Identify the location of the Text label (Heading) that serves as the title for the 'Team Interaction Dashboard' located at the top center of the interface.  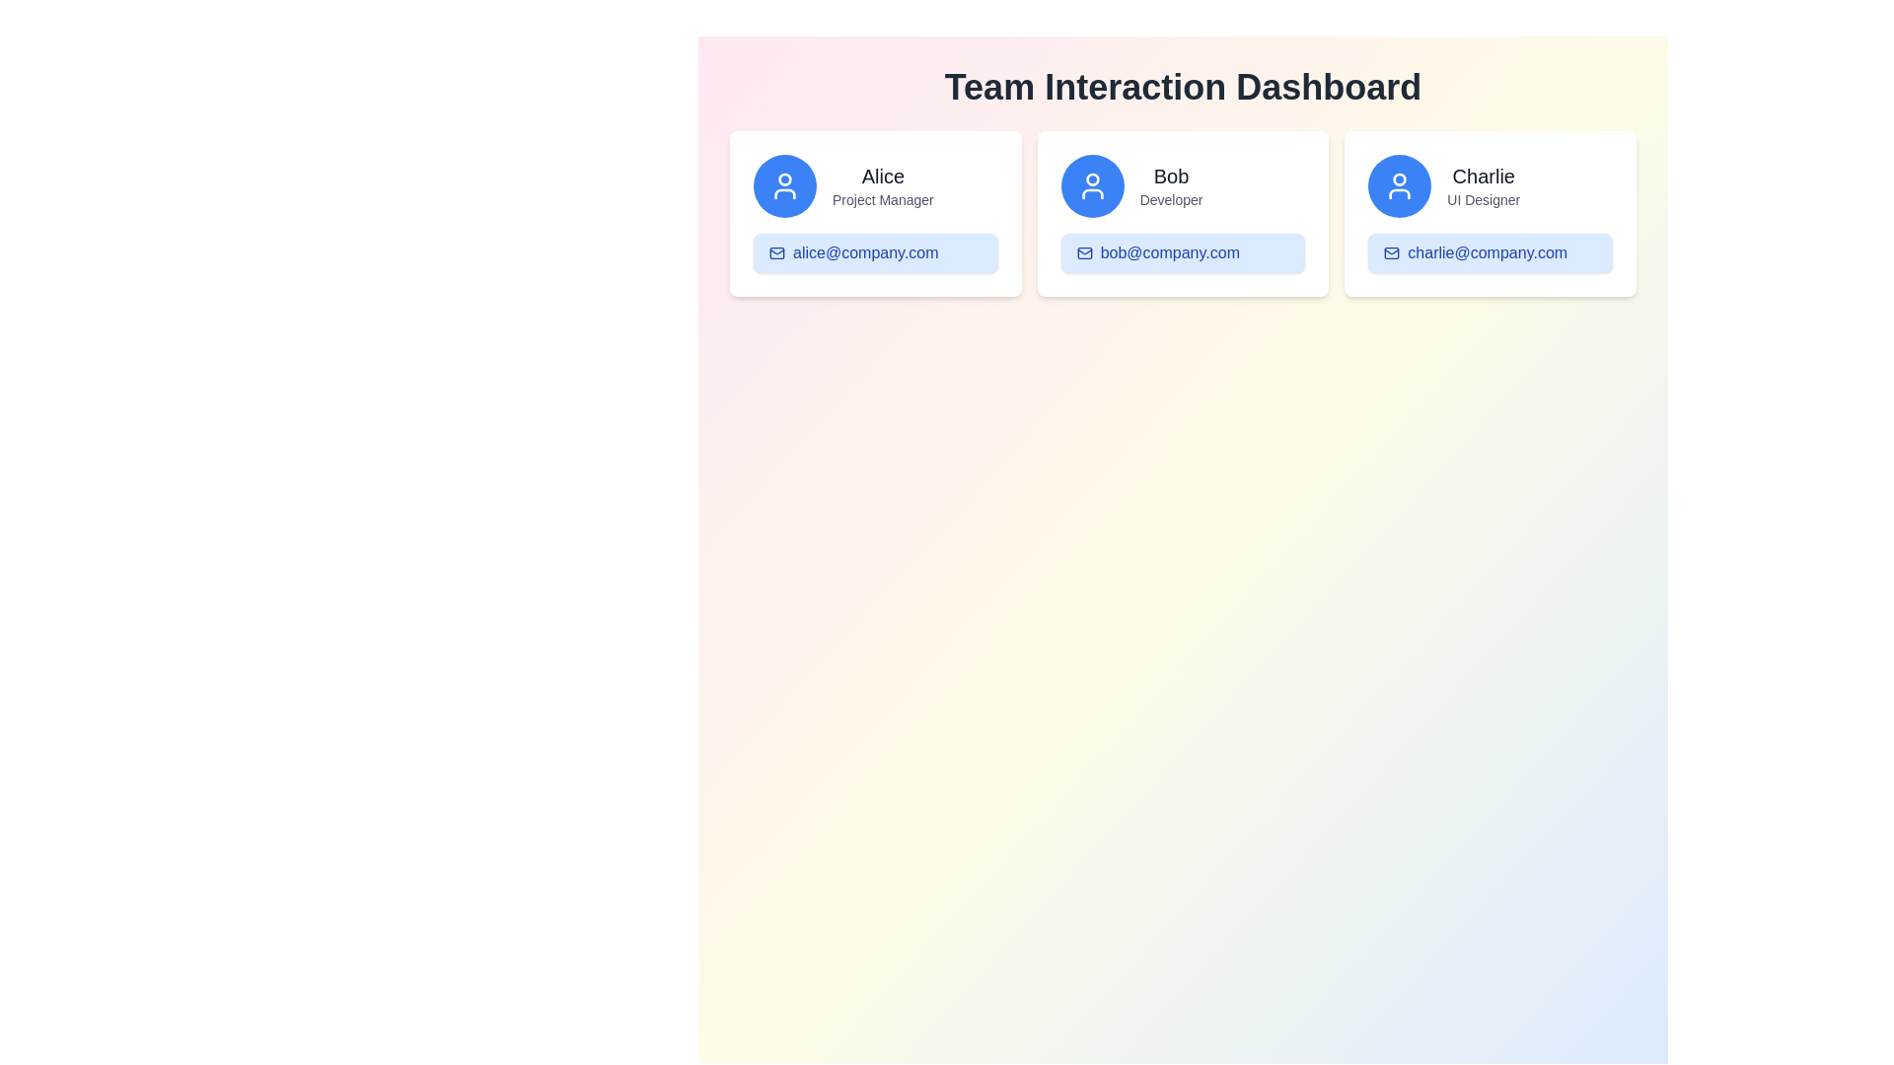
(1183, 86).